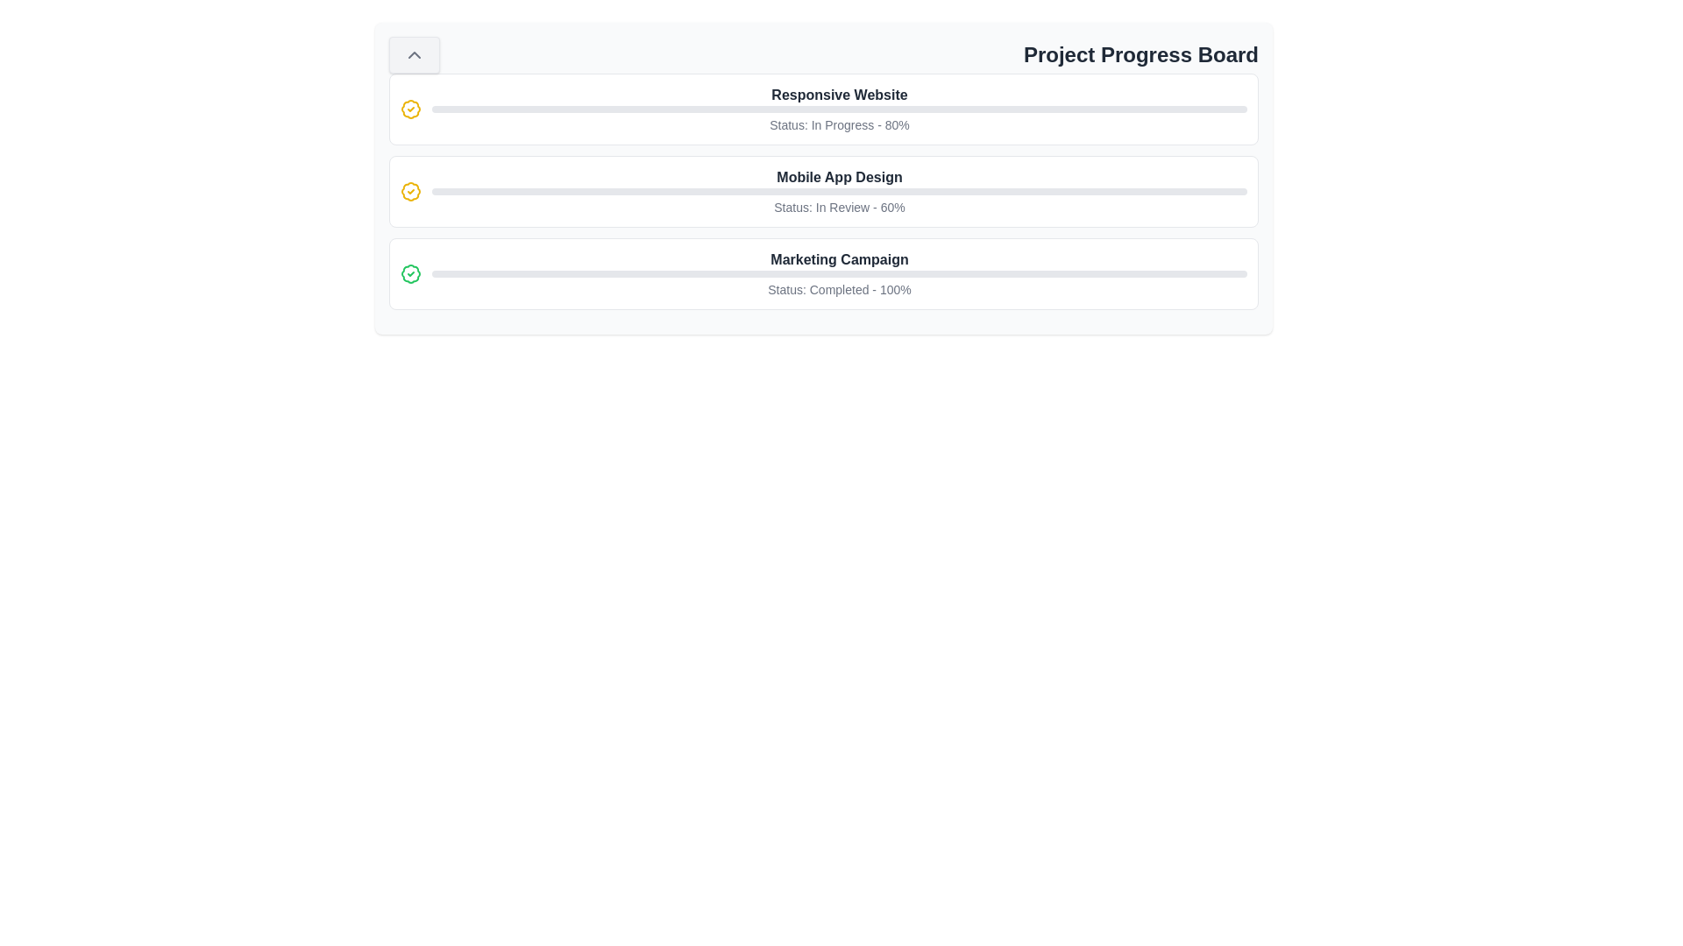 The height and width of the screenshot is (946, 1683). I want to click on the text label displaying 'Marketing Campaign' in bold dark-gray font, located in the third section of the list with the status 'Completed - 100%', so click(839, 260).